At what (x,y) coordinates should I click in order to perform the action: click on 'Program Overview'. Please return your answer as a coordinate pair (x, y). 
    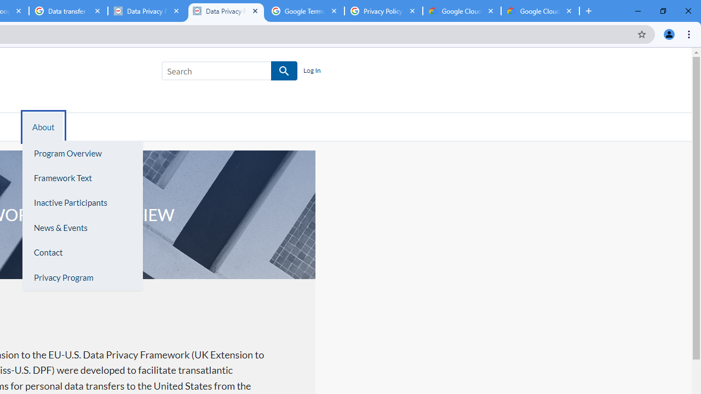
    Looking at the image, I should click on (82, 153).